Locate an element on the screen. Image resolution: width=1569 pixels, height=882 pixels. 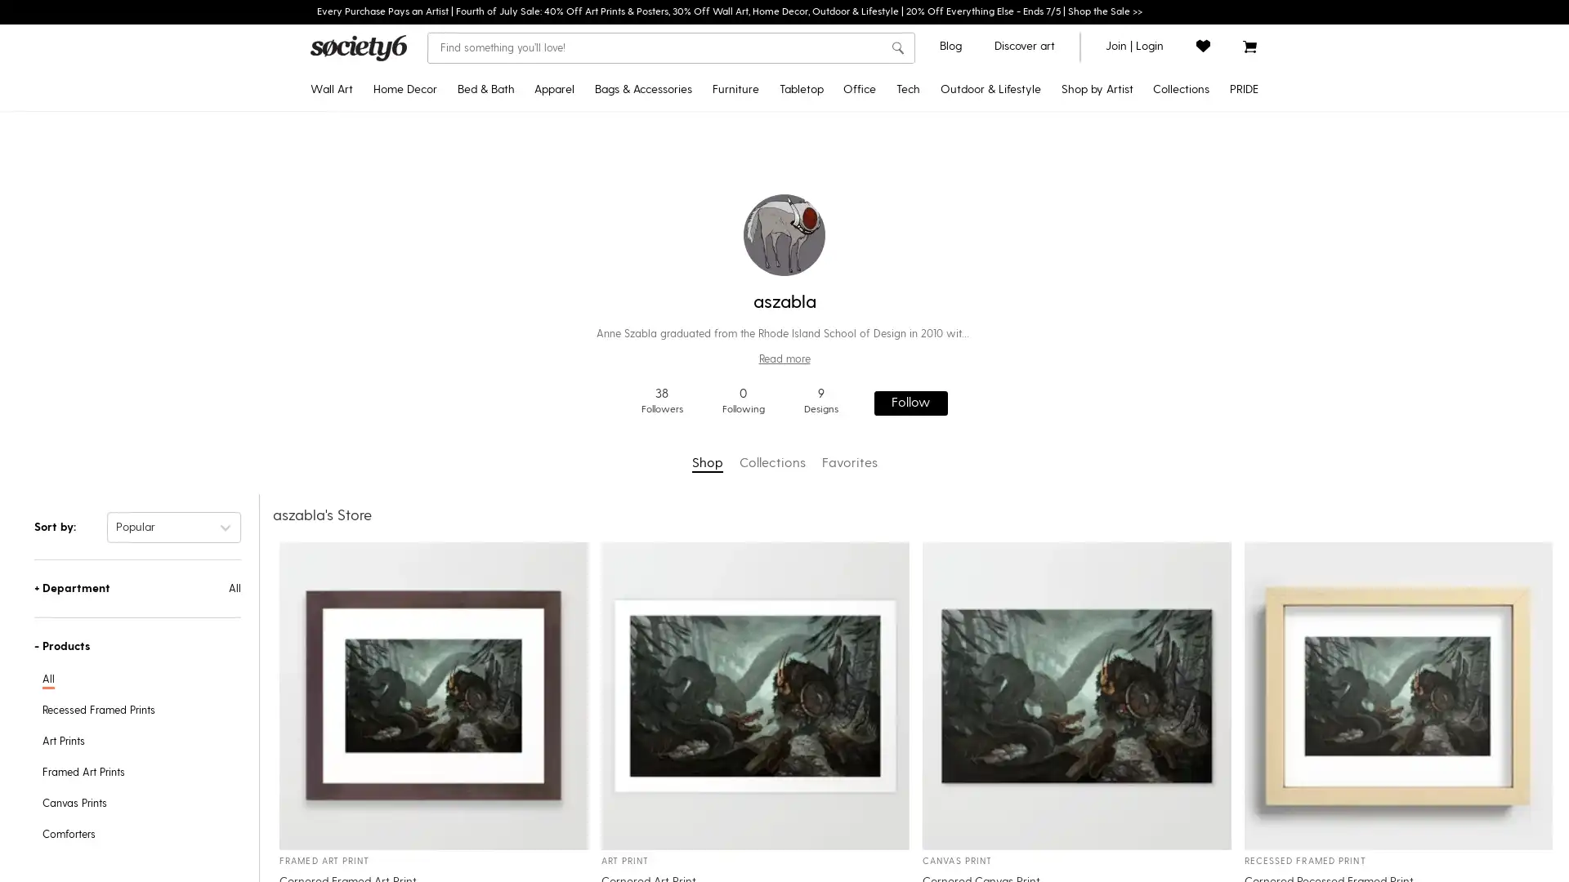
Wall Art is located at coordinates (331, 90).